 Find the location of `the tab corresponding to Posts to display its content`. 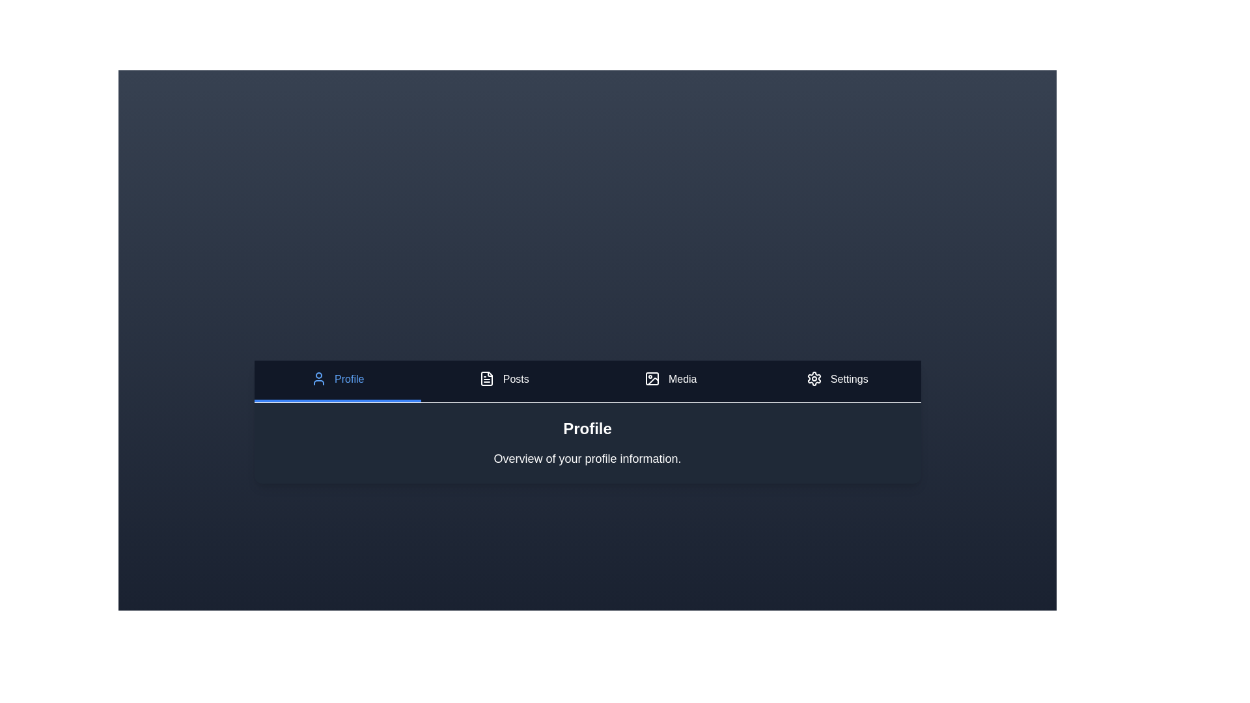

the tab corresponding to Posts to display its content is located at coordinates (503, 381).